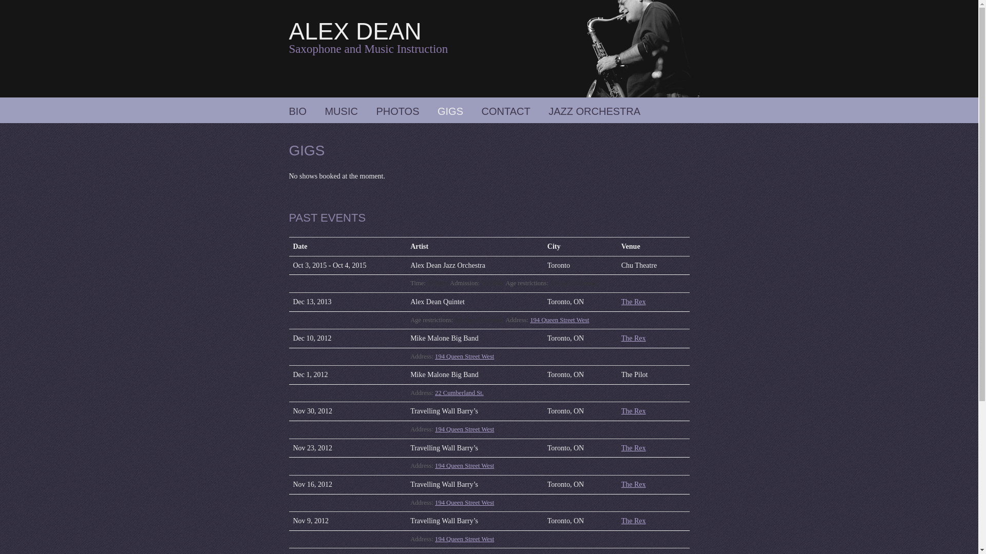 This screenshot has width=986, height=554. I want to click on 'PHOTOS', so click(396, 111).